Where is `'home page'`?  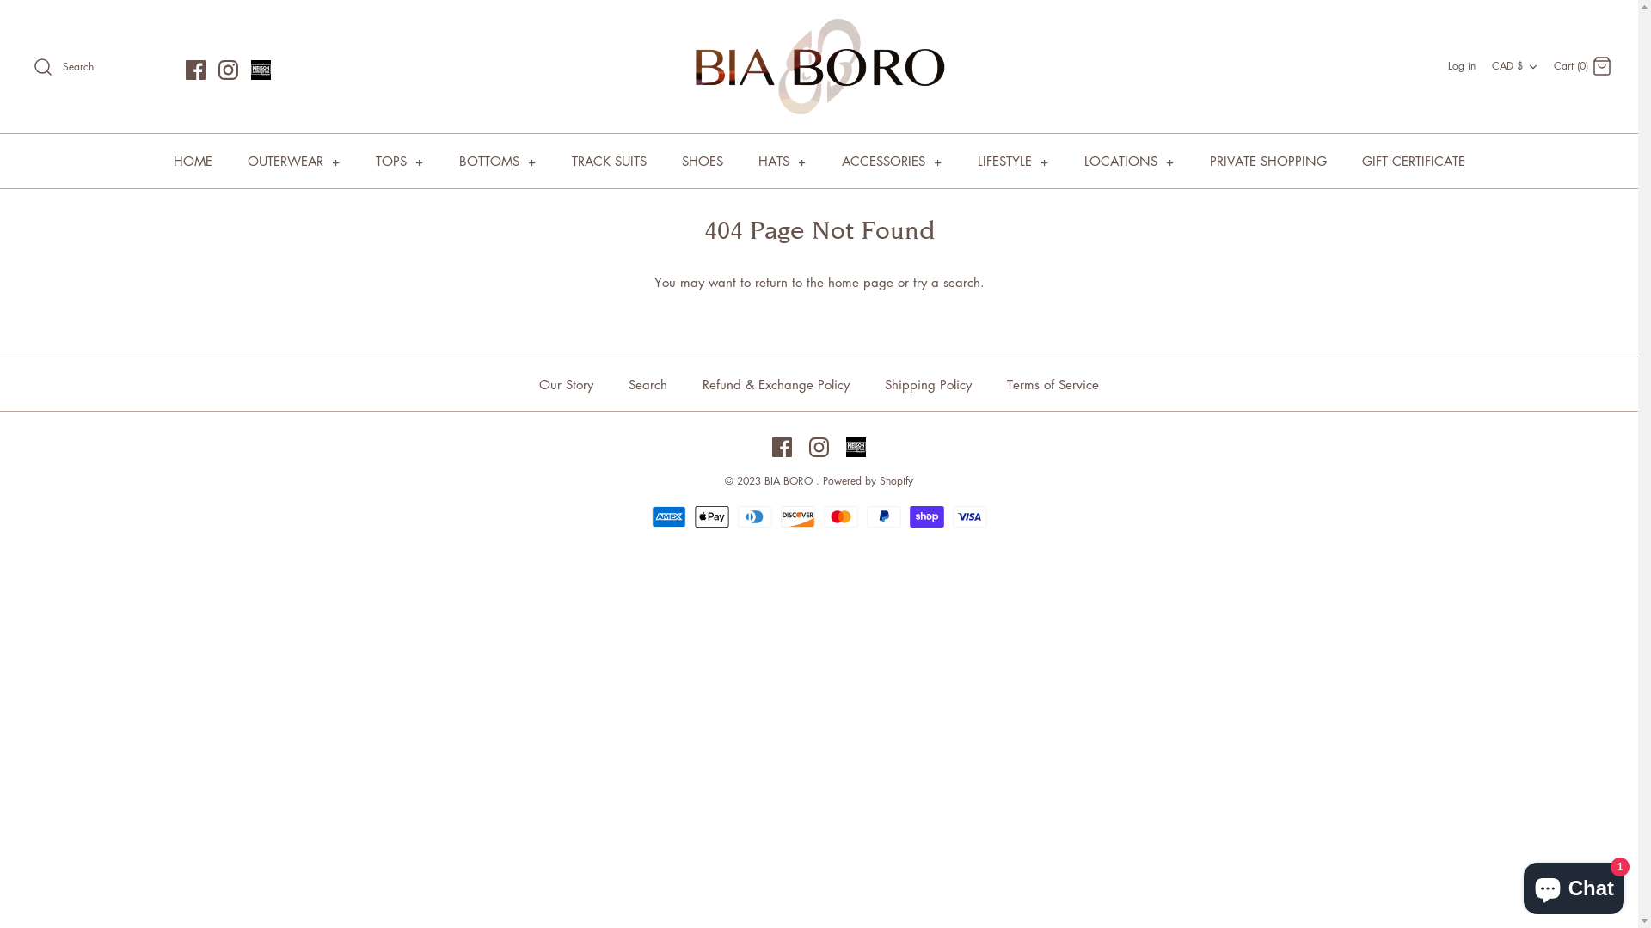 'home page' is located at coordinates (859, 280).